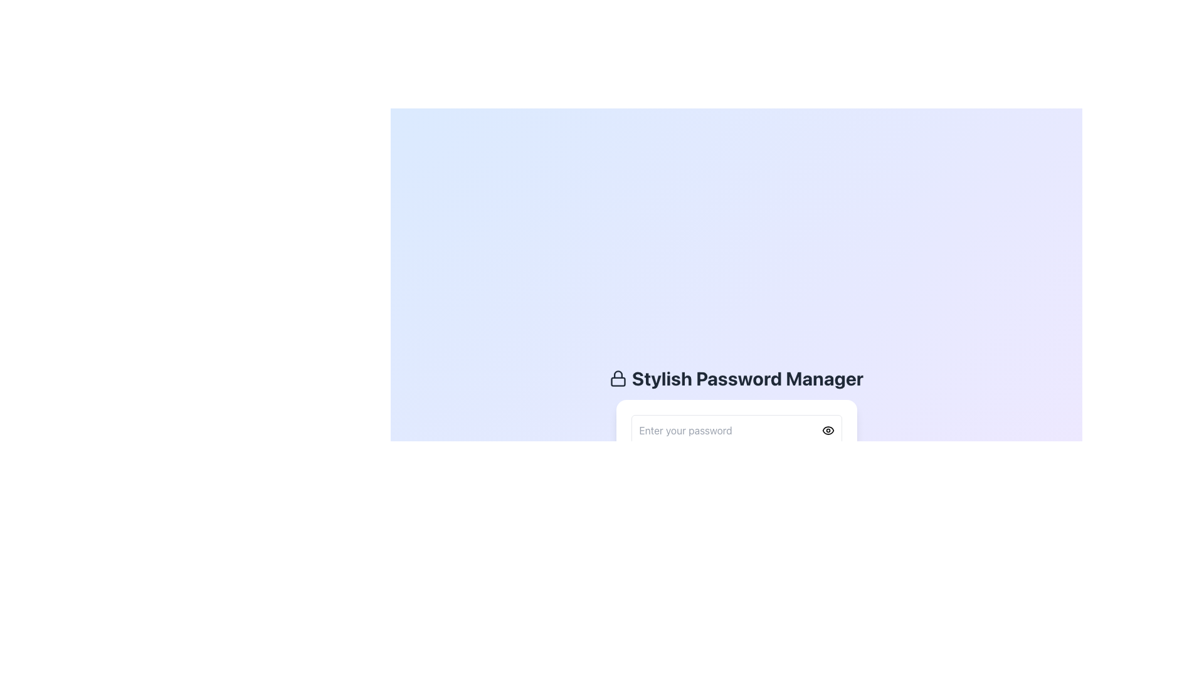 The width and height of the screenshot is (1204, 677). I want to click on the arc of the lock graphic in the header section, which symbolizes security for the 'Stylish Password Manager', so click(618, 374).